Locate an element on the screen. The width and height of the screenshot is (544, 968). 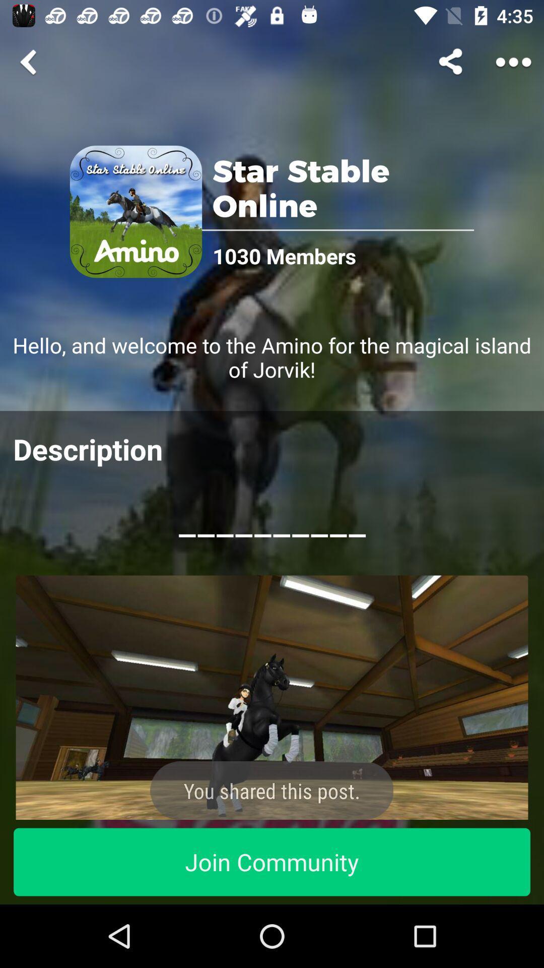
share the article is located at coordinates (272, 697).